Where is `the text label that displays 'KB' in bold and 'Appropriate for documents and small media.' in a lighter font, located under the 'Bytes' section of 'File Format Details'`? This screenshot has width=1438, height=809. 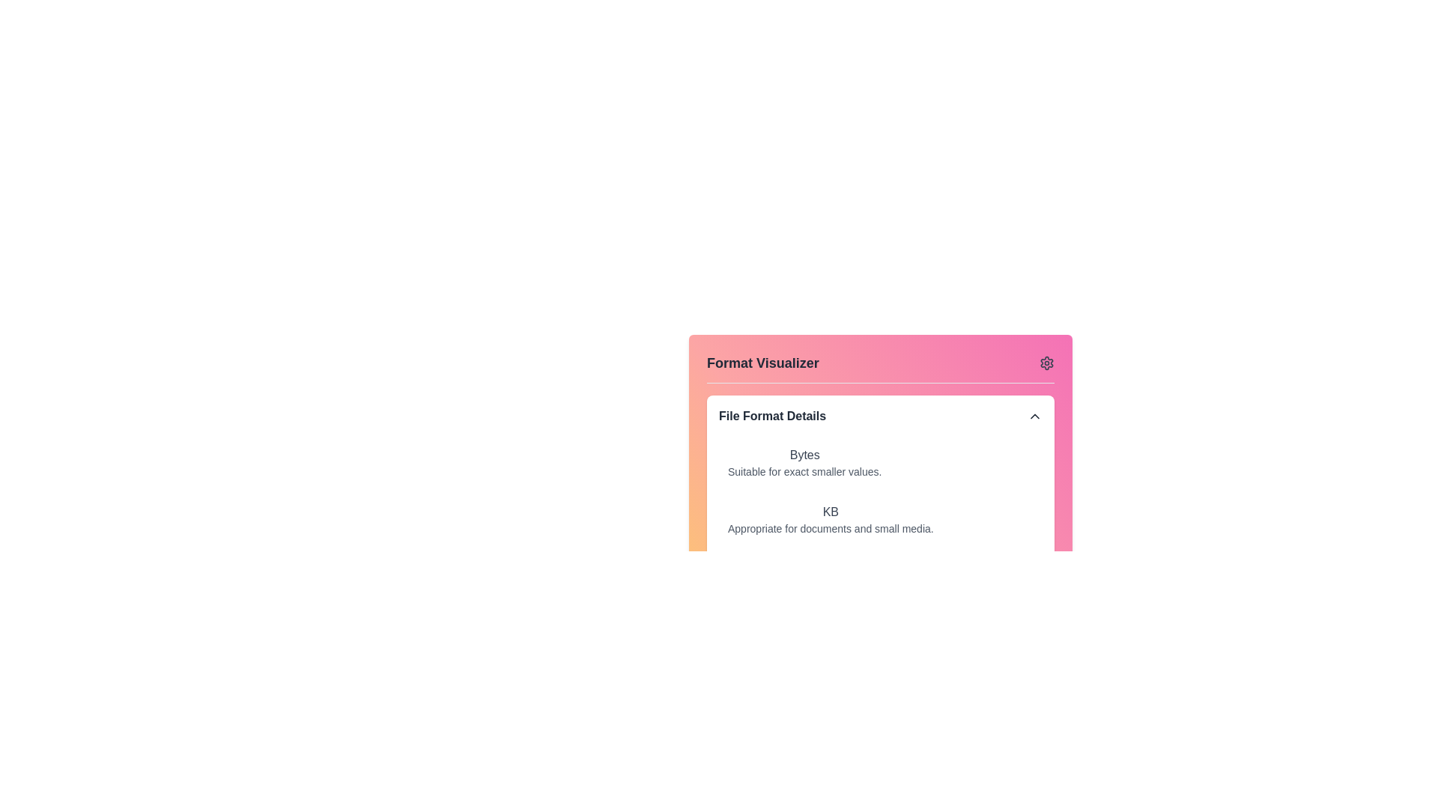
the text label that displays 'KB' in bold and 'Appropriate for documents and small media.' in a lighter font, located under the 'Bytes' section of 'File Format Details' is located at coordinates (830, 519).